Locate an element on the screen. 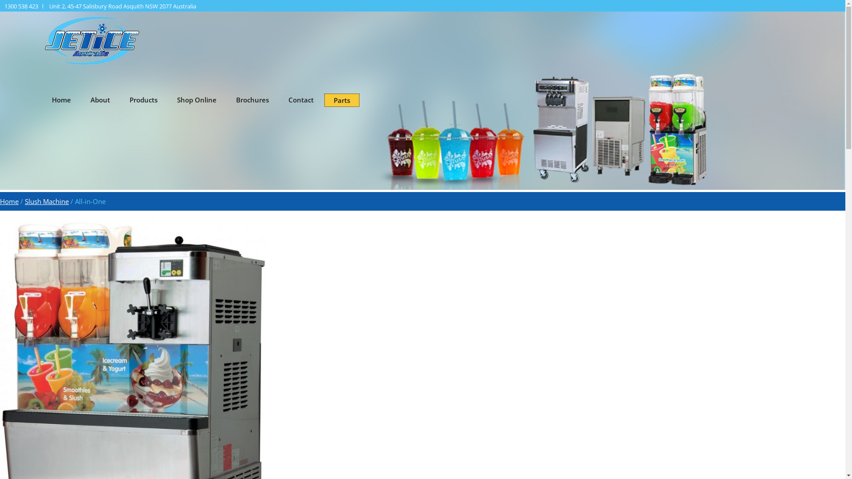  '1300 538 423' is located at coordinates (4, 6).